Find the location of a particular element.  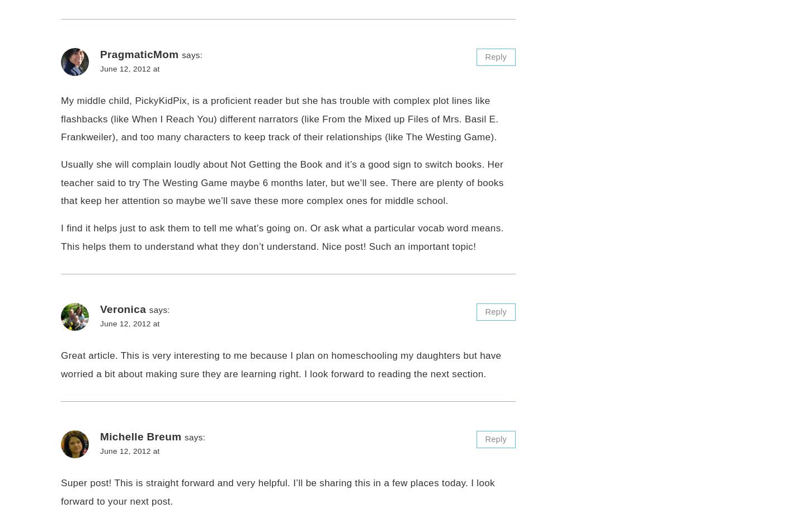

'Veronica' is located at coordinates (99, 308).